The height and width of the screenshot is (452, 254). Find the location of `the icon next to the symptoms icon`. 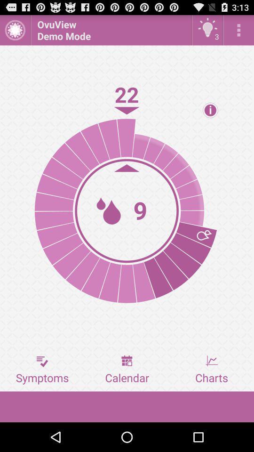

the icon next to the symptoms icon is located at coordinates (127, 370).